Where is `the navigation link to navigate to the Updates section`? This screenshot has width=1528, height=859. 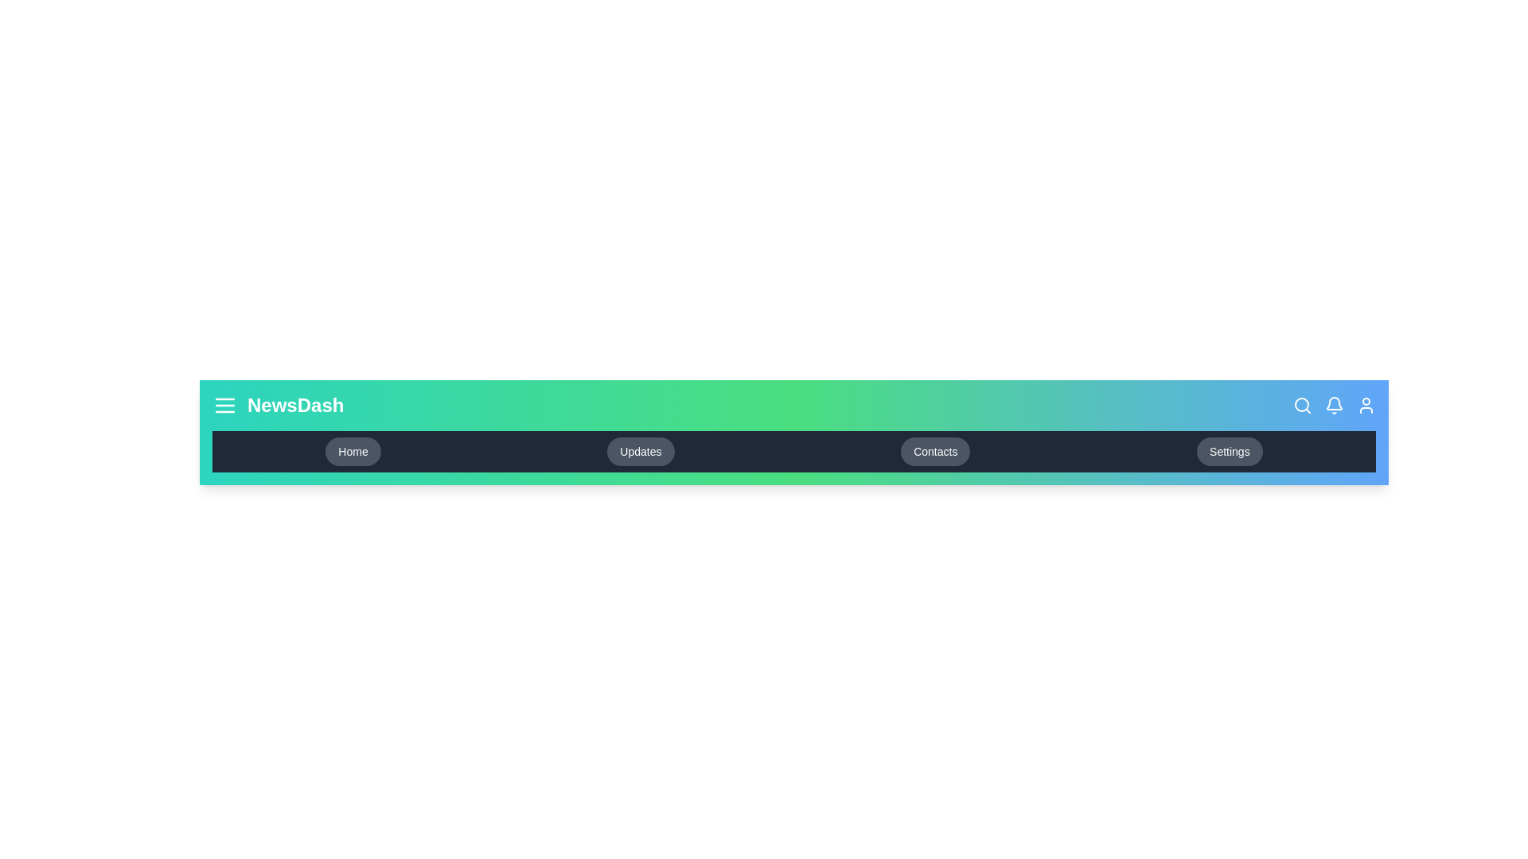 the navigation link to navigate to the Updates section is located at coordinates (641, 451).